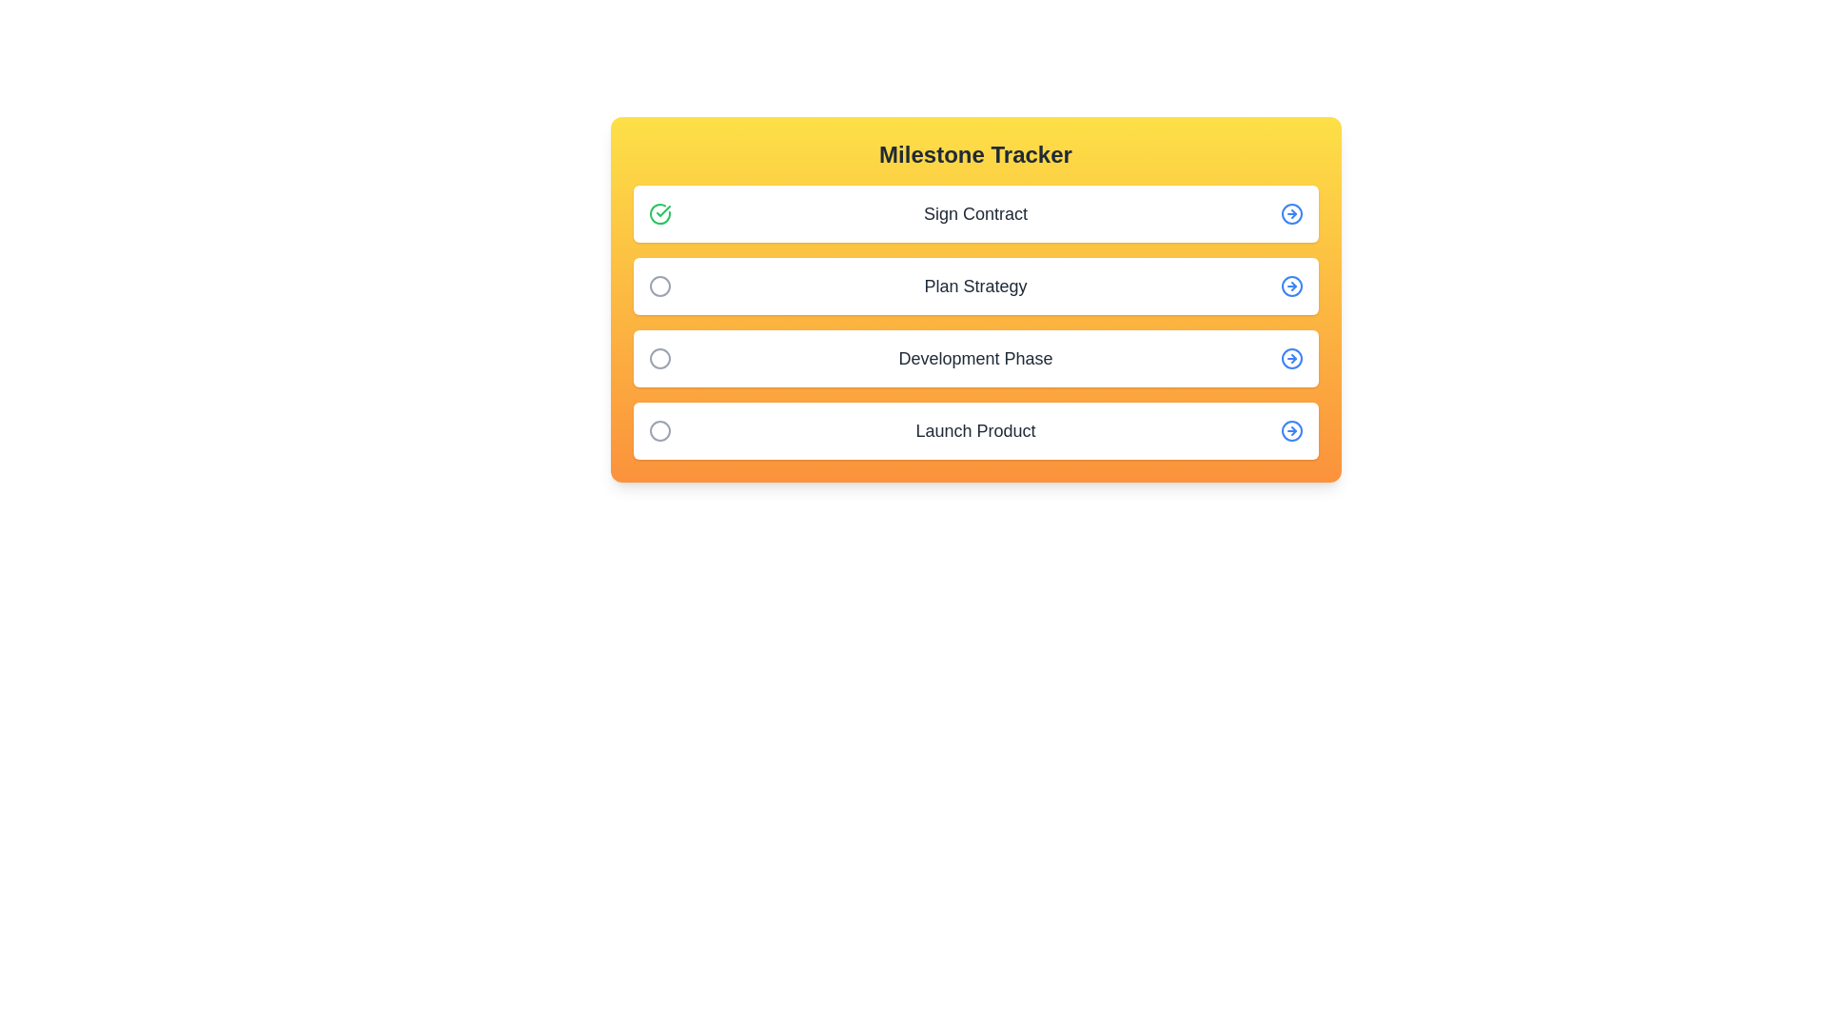 This screenshot has height=1028, width=1827. What do you see at coordinates (975, 359) in the screenshot?
I see `the text label that reads 'Development Phase', which is the third item in a vertically-aligned list of milestone tracking elements, centered within a white rounded rectangle` at bounding box center [975, 359].